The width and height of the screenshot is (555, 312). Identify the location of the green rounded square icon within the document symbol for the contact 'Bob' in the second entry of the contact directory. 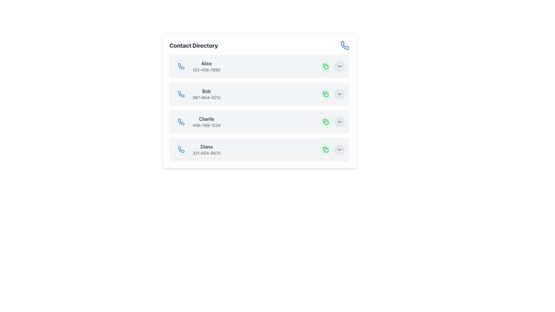
(326, 94).